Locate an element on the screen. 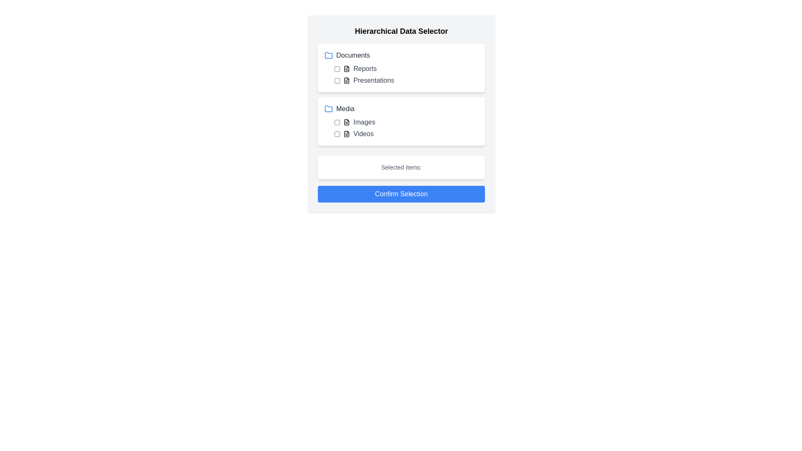 The image size is (802, 451). the 'Presentations' checkbox located in the 'Documents' section of the 'Hierarchical Data Selector' widget is located at coordinates (337, 80).